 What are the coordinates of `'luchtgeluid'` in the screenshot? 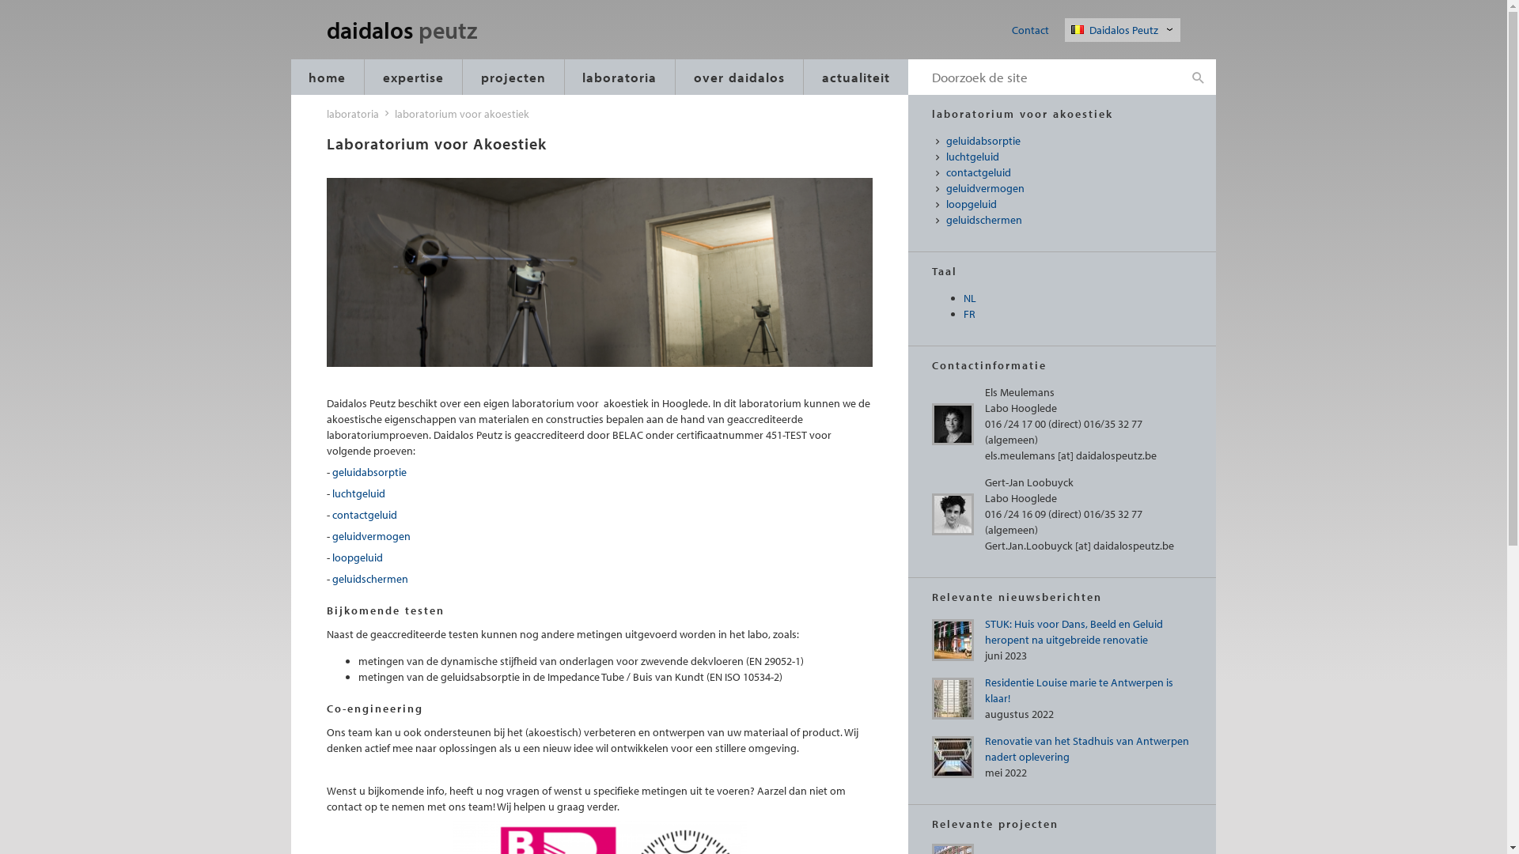 It's located at (945, 157).